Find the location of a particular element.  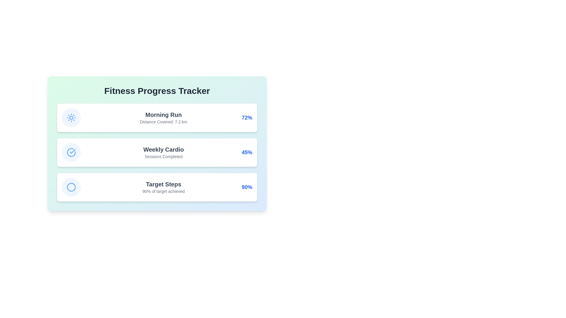

the circular icon that identifies the 'Target Steps' section to enhance its recognizability is located at coordinates (71, 187).